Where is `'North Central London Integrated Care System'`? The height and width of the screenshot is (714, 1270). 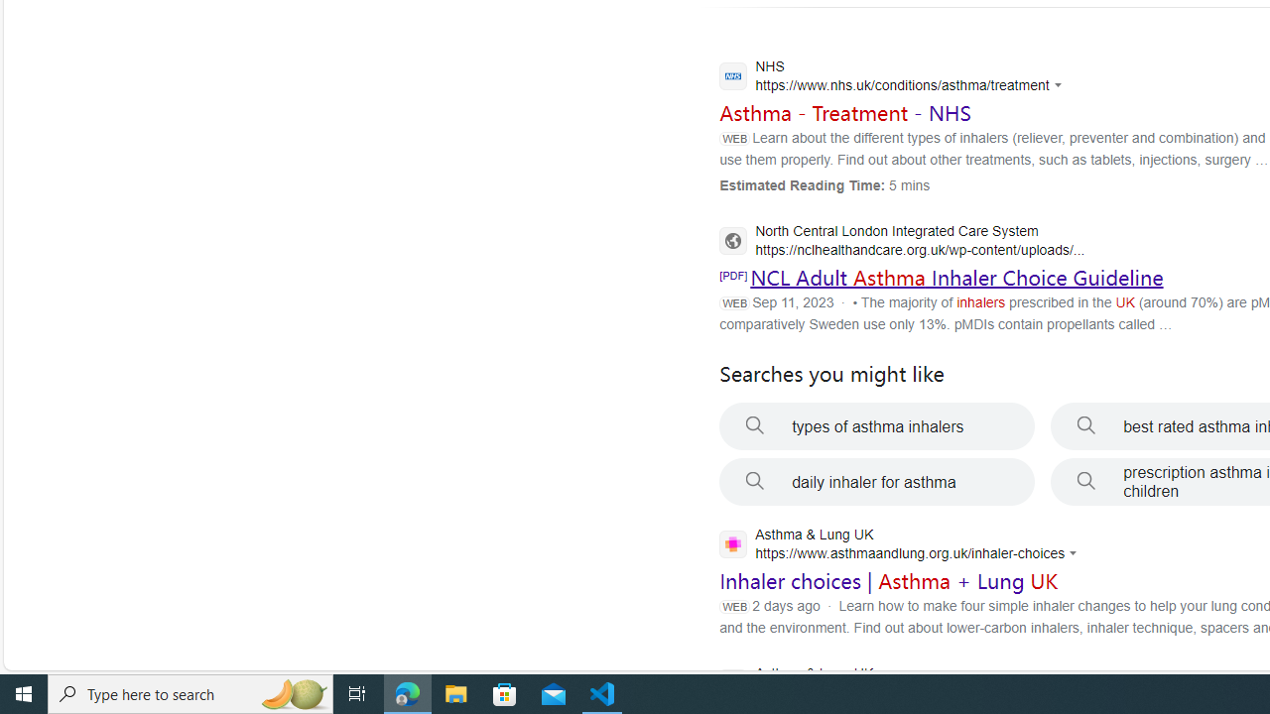
'North Central London Integrated Care System' is located at coordinates (901, 241).